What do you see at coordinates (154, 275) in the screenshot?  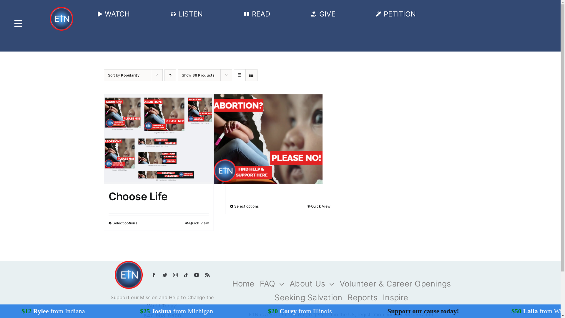 I see `'Facebook'` at bounding box center [154, 275].